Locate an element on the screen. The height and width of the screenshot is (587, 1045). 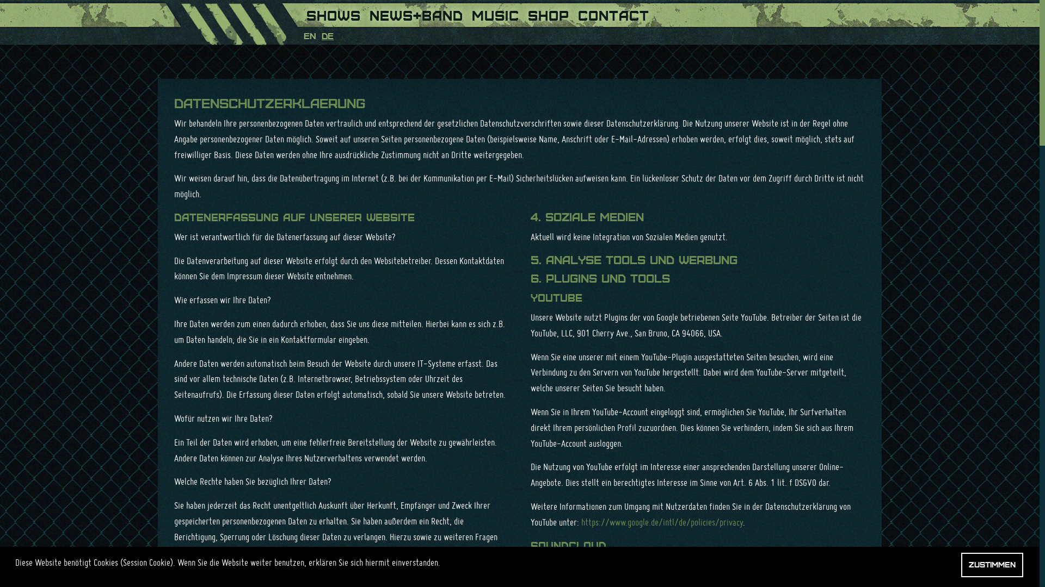
'SHOWS' is located at coordinates (333, 13).